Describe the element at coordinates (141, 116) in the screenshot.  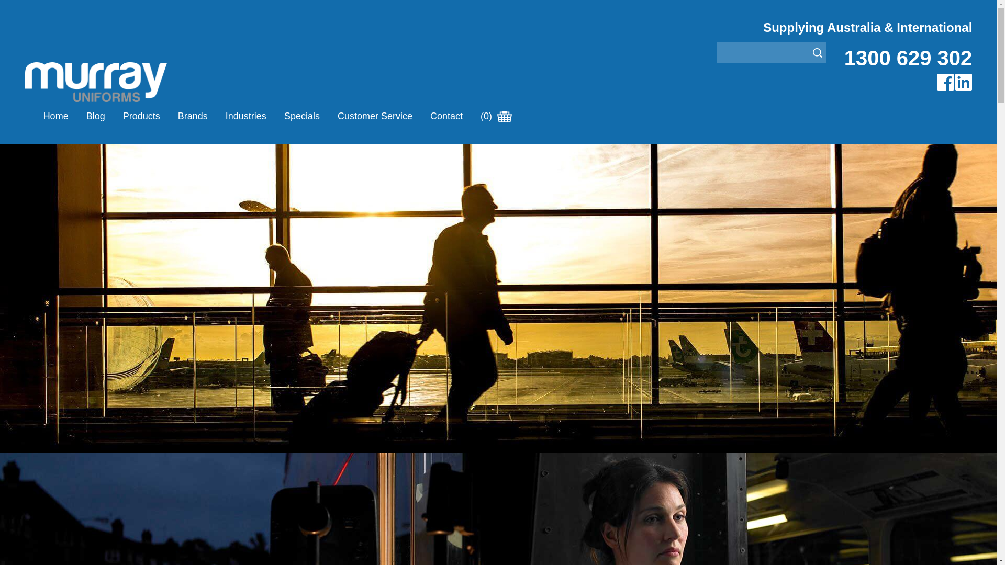
I see `'Products'` at that location.